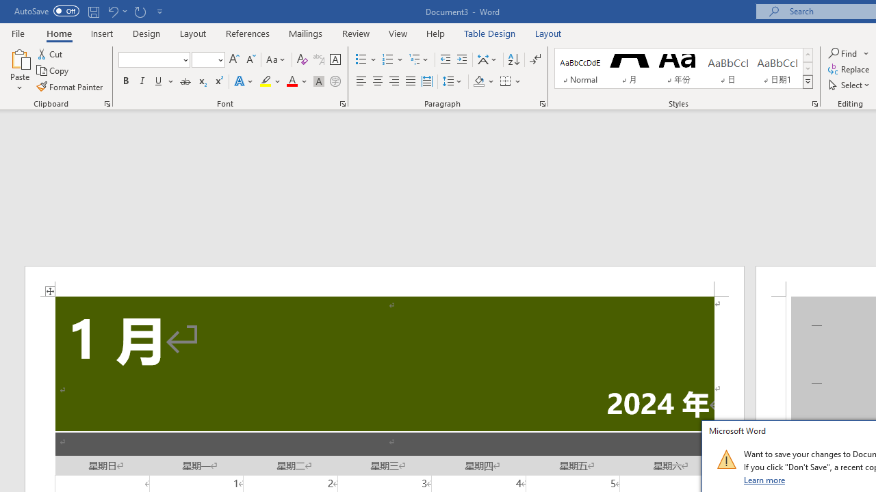 The width and height of the screenshot is (876, 492). Describe the element at coordinates (335, 81) in the screenshot. I see `'Enclose Characters...'` at that location.